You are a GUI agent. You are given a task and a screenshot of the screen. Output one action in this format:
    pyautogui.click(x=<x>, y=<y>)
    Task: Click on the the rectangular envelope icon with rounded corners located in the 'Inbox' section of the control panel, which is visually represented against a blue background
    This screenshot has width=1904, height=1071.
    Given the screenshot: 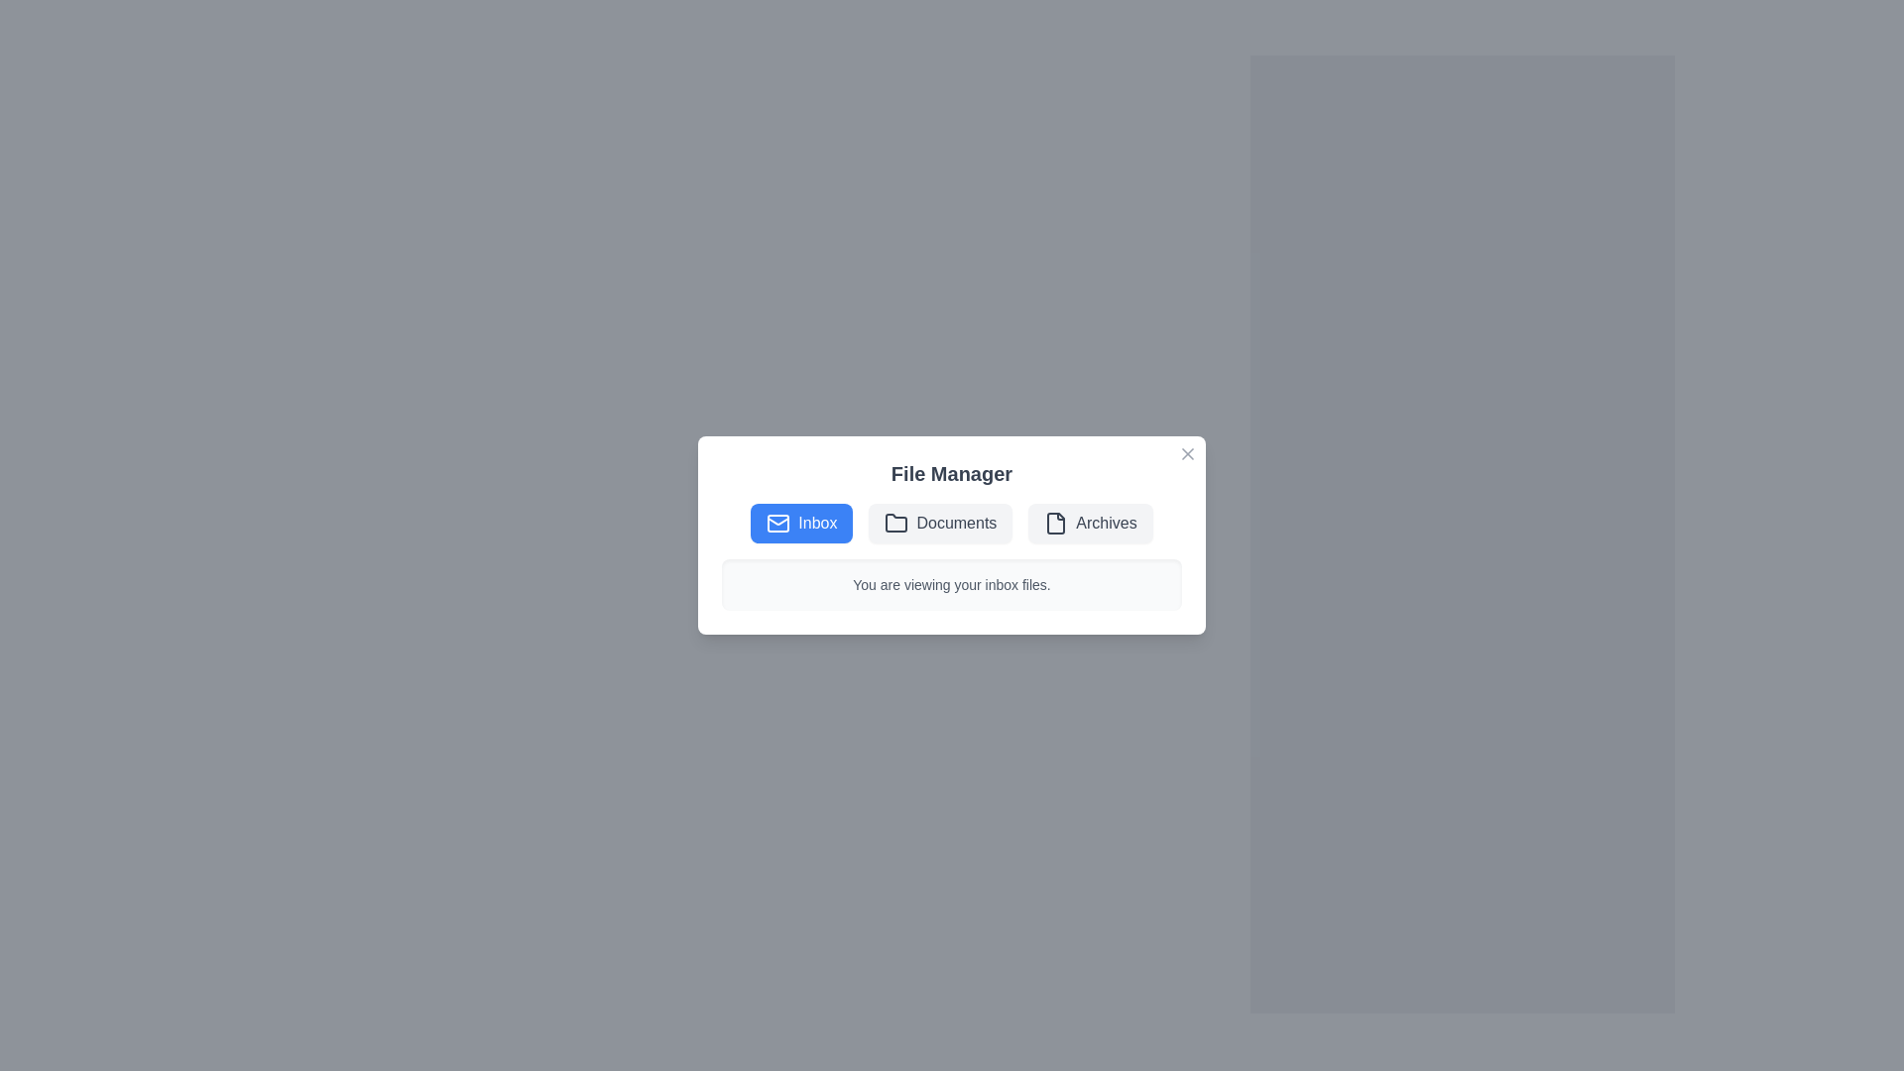 What is the action you would take?
    pyautogui.click(x=777, y=523)
    